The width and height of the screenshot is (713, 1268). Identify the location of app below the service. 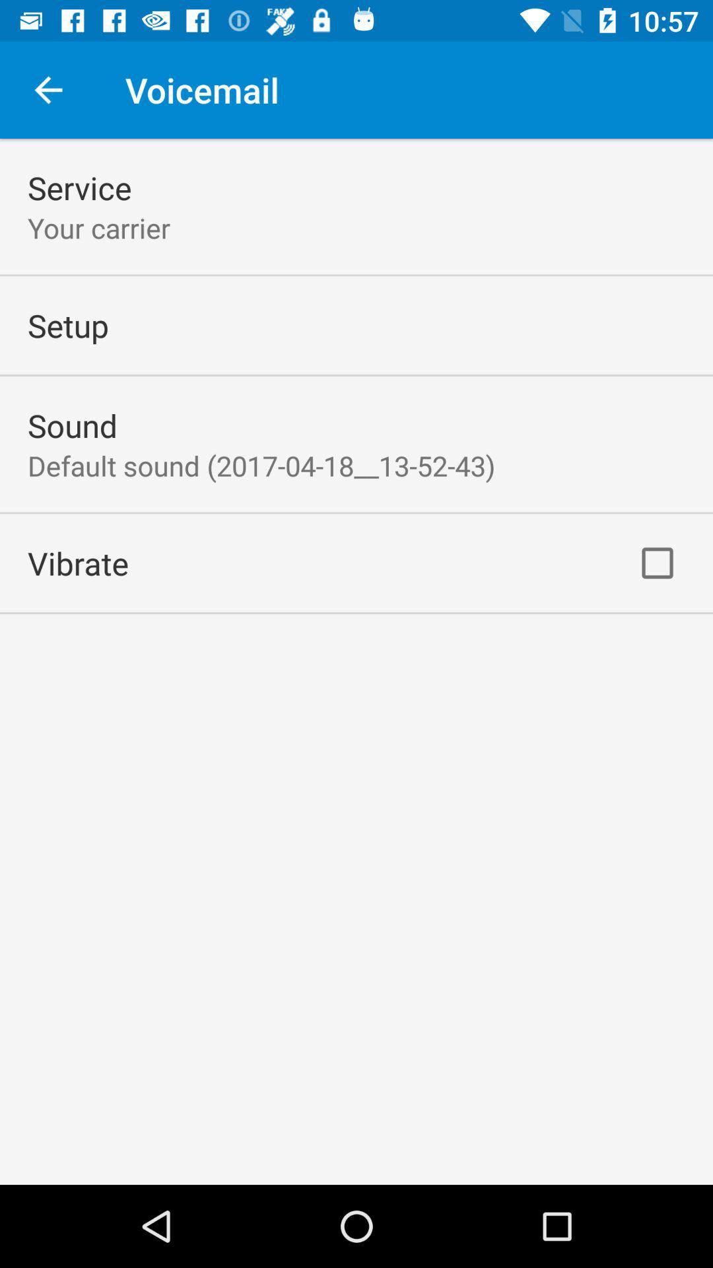
(98, 228).